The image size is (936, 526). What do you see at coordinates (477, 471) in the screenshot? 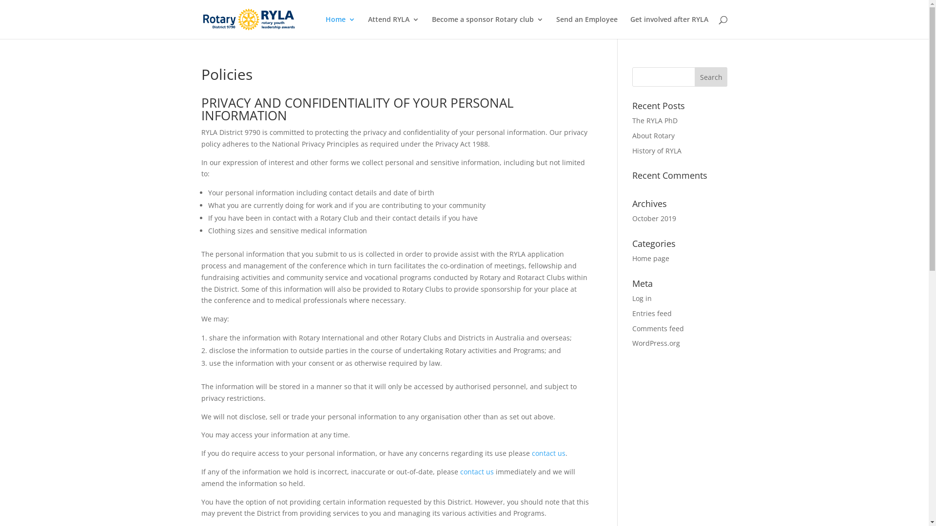
I see `'contact us'` at bounding box center [477, 471].